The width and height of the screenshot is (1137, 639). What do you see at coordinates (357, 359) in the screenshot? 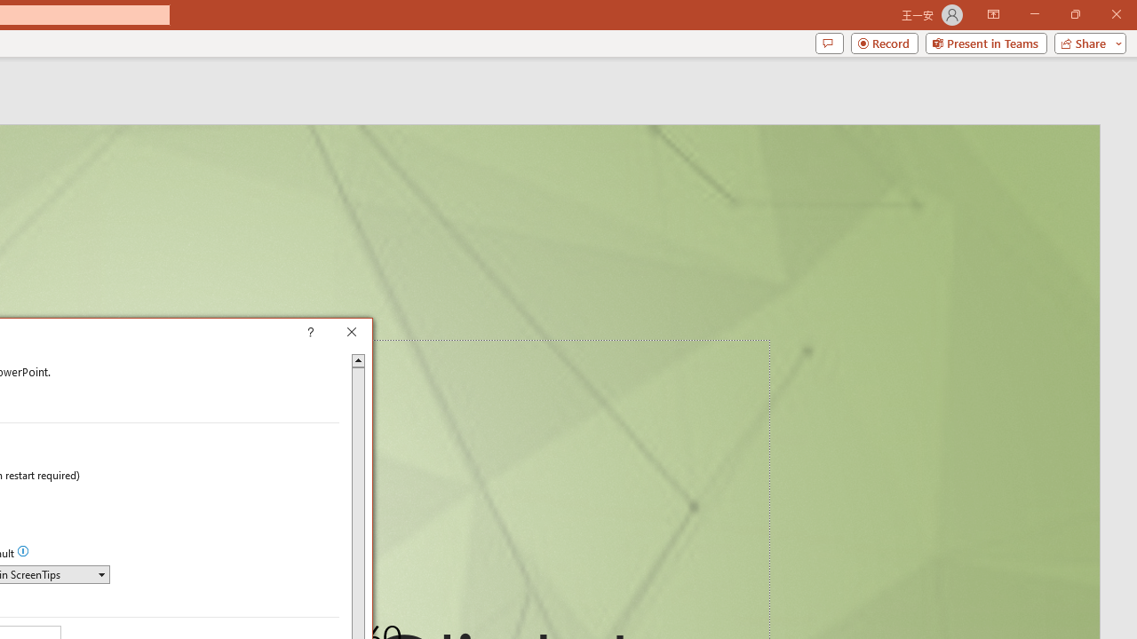
I see `'Line up'` at bounding box center [357, 359].